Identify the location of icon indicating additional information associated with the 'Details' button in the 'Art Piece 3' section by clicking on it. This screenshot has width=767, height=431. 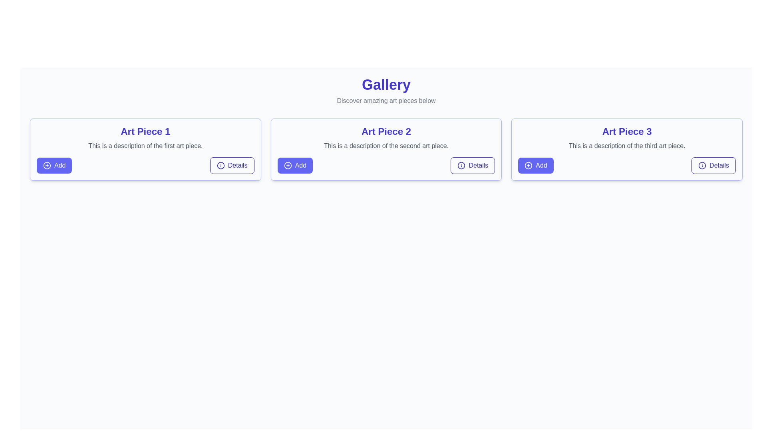
(702, 165).